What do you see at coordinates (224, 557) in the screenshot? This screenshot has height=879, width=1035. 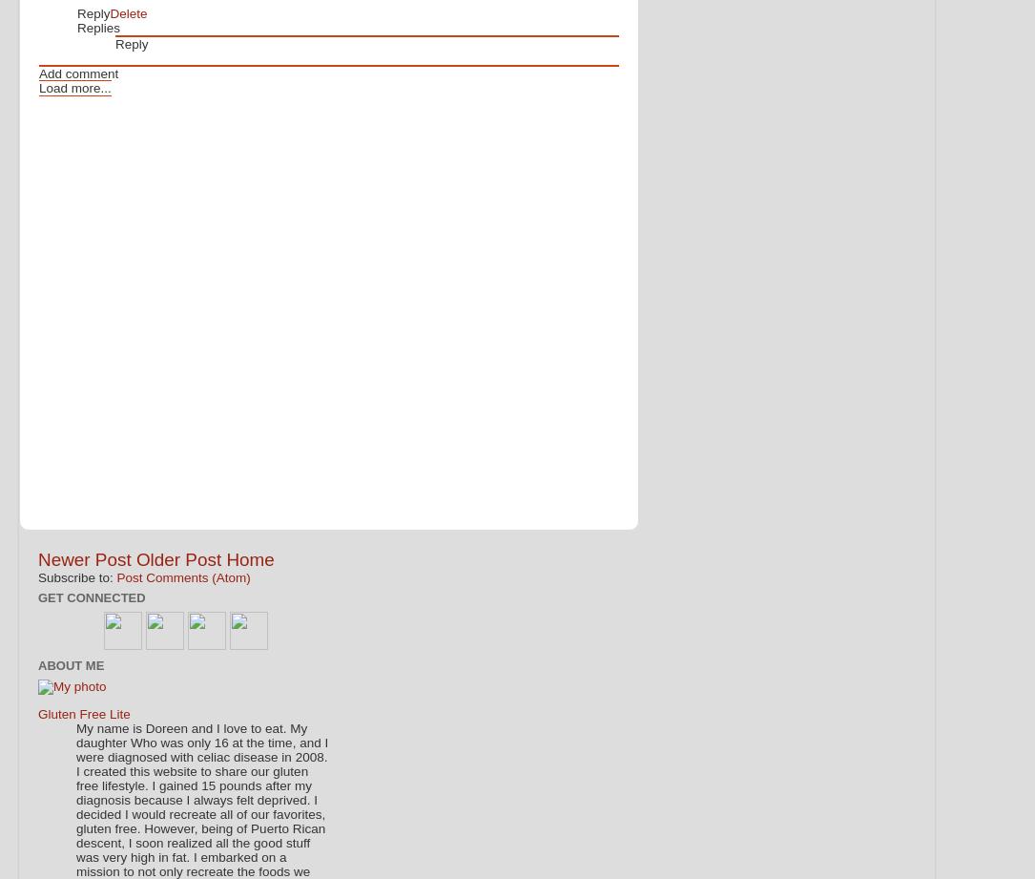 I see `'Home'` at bounding box center [224, 557].